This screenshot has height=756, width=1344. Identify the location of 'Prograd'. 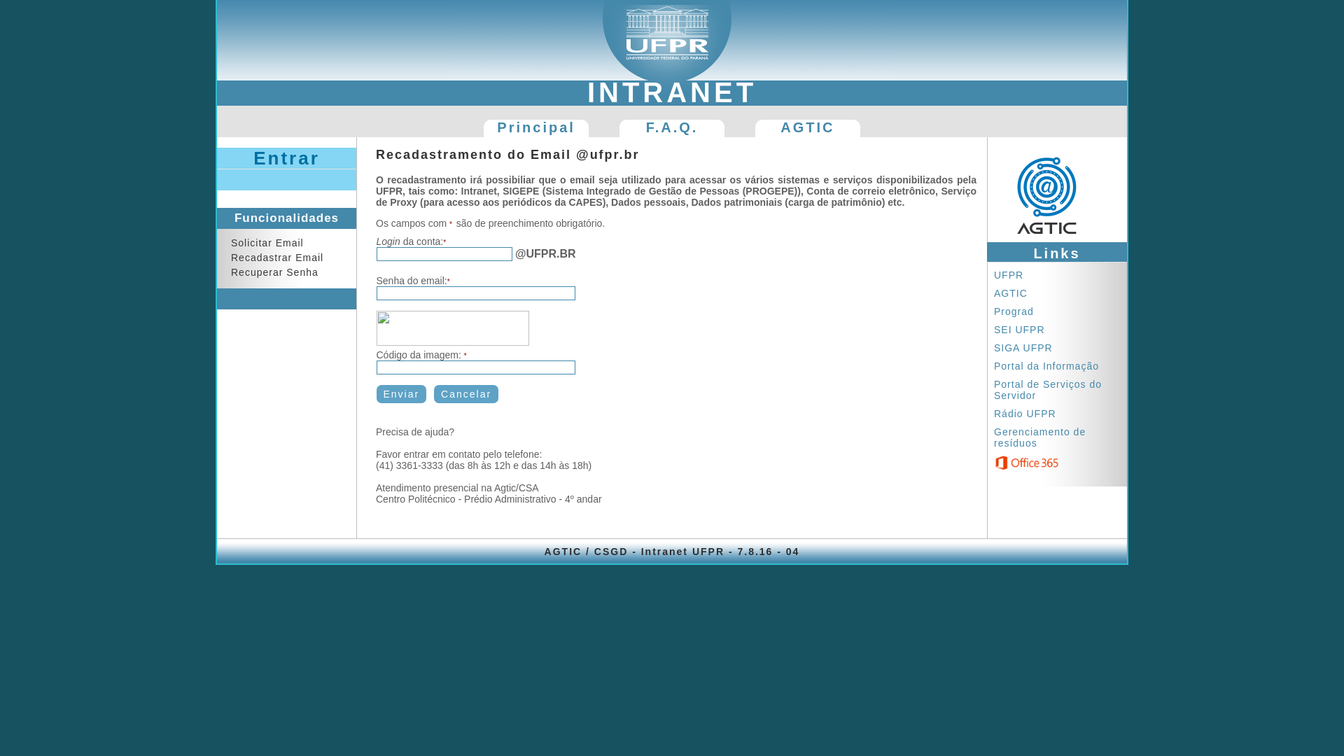
(1017, 310).